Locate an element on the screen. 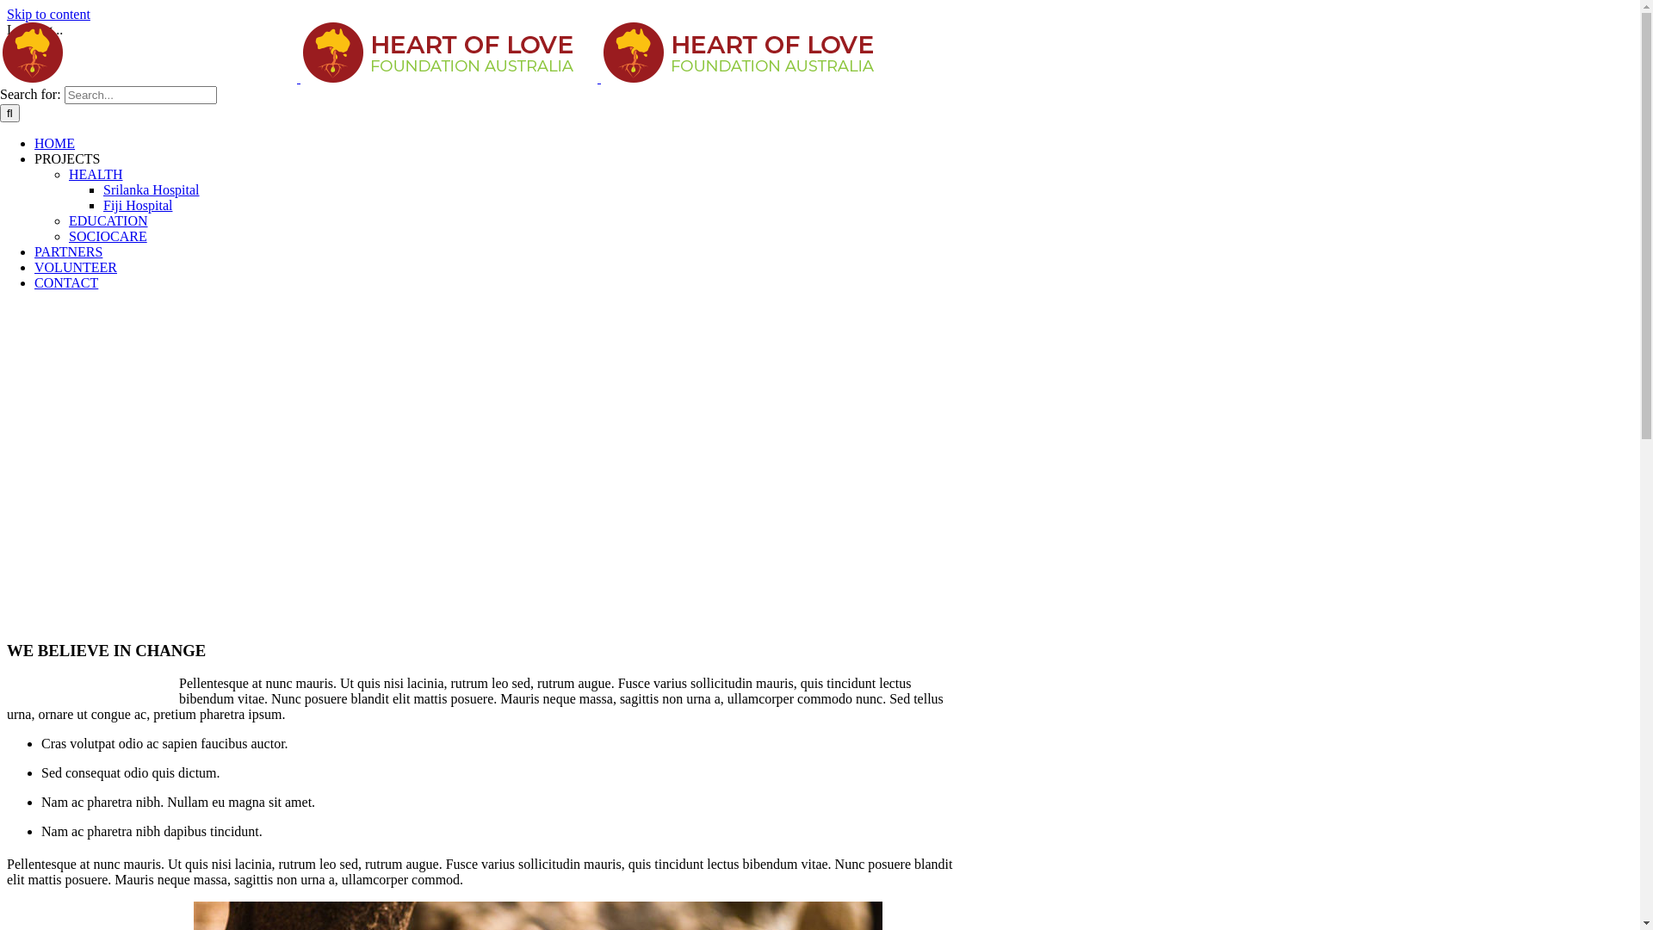  'EDUCATION' is located at coordinates (107, 220).